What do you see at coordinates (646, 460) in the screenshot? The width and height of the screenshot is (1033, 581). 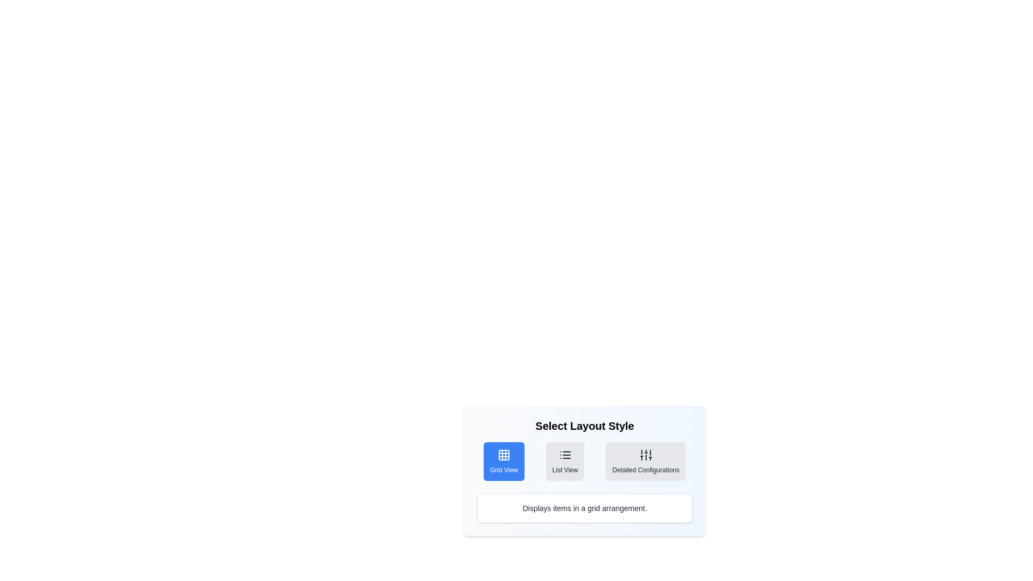 I see `the layout style button for Detailed Configurations` at bounding box center [646, 460].